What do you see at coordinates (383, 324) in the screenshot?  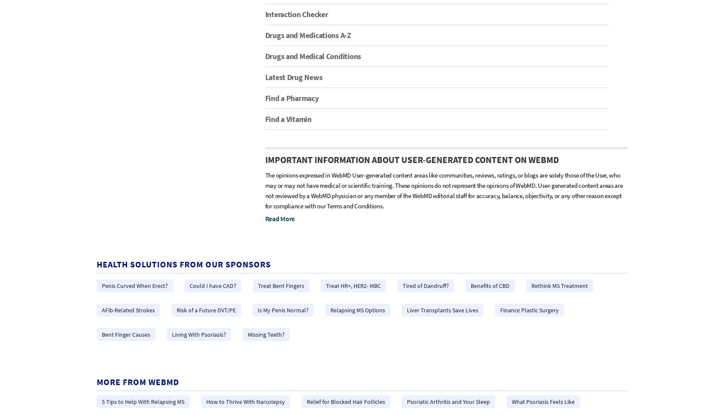 I see `'Terms of Use'` at bounding box center [383, 324].